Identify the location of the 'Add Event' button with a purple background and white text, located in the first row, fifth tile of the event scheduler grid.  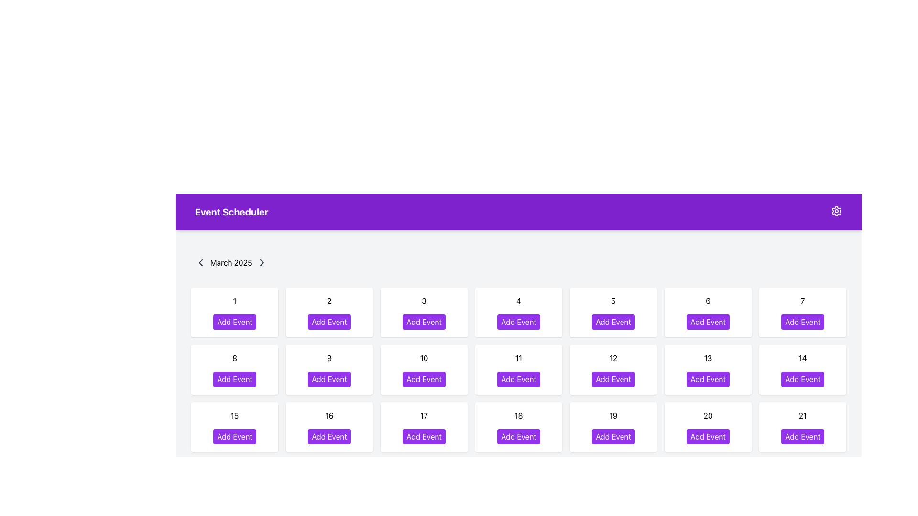
(613, 322).